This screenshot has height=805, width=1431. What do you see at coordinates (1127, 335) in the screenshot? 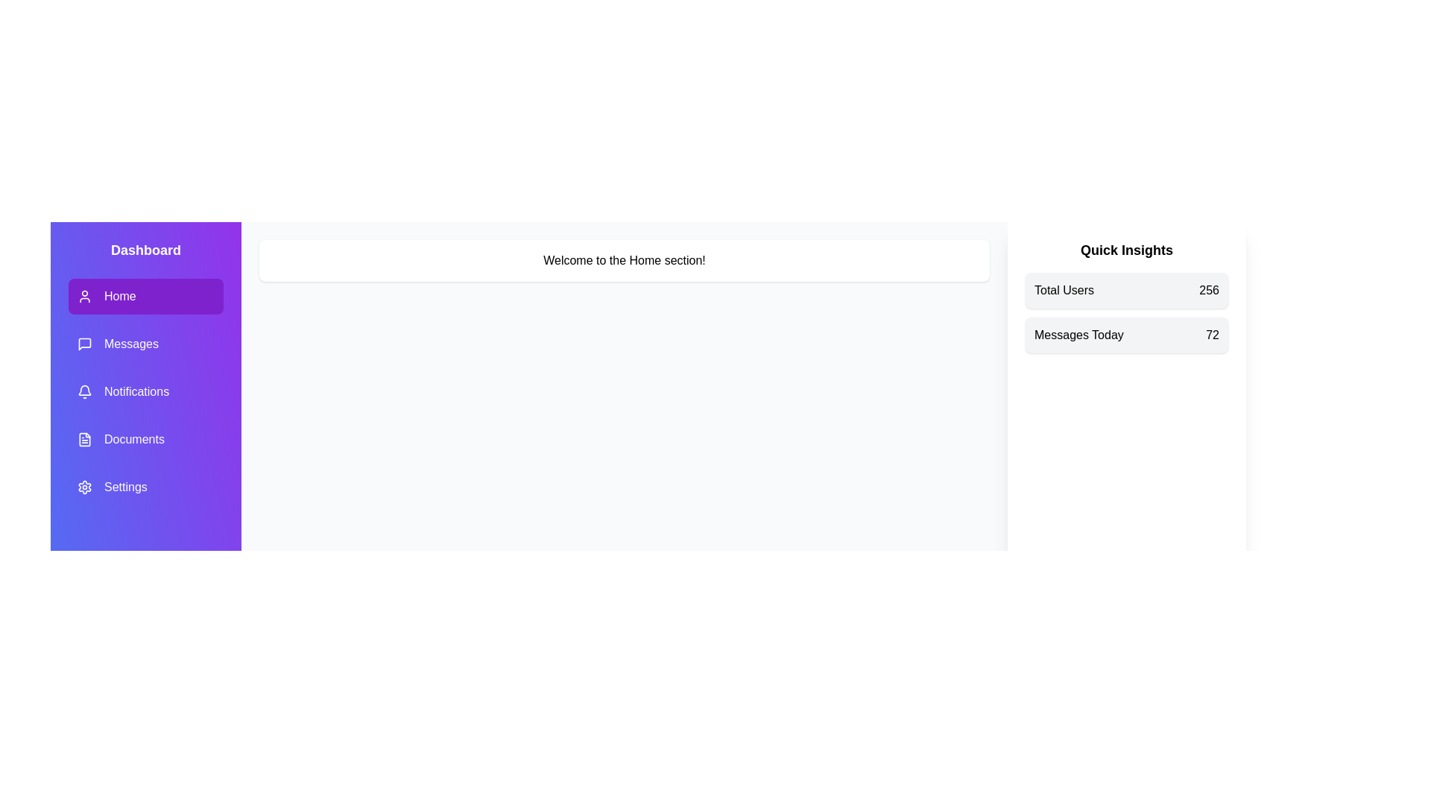
I see `the Statistical summary card displaying 'Messages Today' with the numeral '72' on the right, located in the right sidebar under 'Quick Insights.'` at bounding box center [1127, 335].